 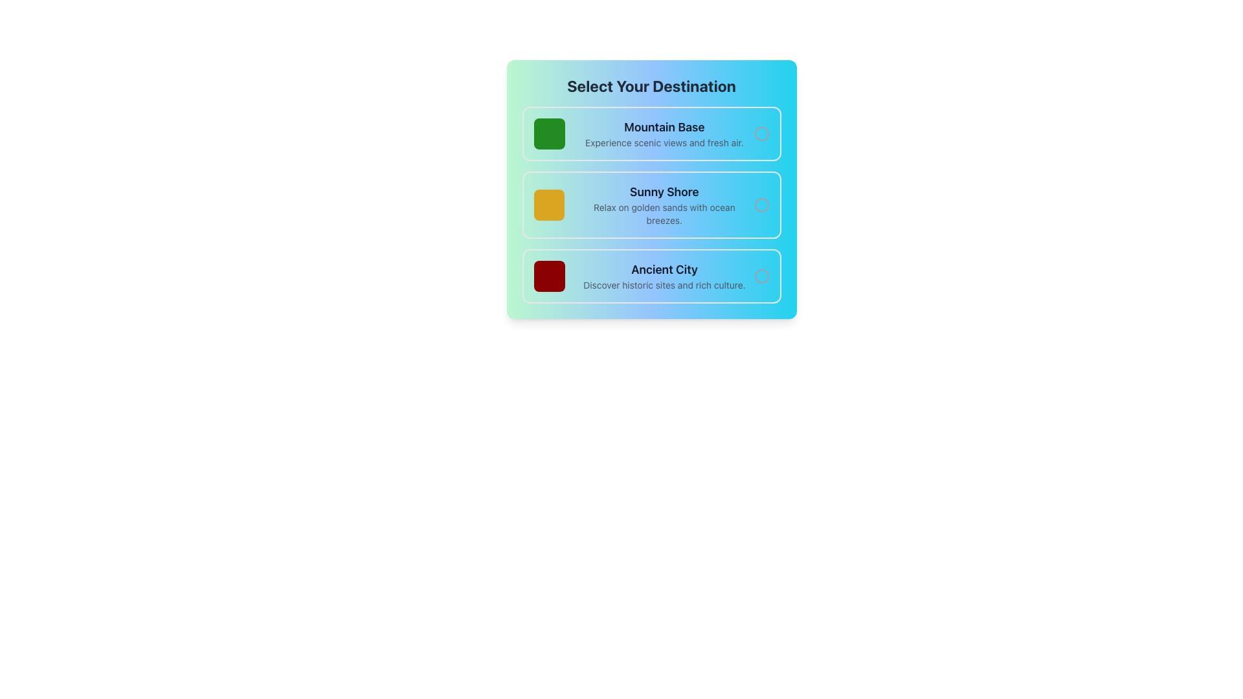 What do you see at coordinates (761, 276) in the screenshot?
I see `the radio button for the 'Ancient City' destination` at bounding box center [761, 276].